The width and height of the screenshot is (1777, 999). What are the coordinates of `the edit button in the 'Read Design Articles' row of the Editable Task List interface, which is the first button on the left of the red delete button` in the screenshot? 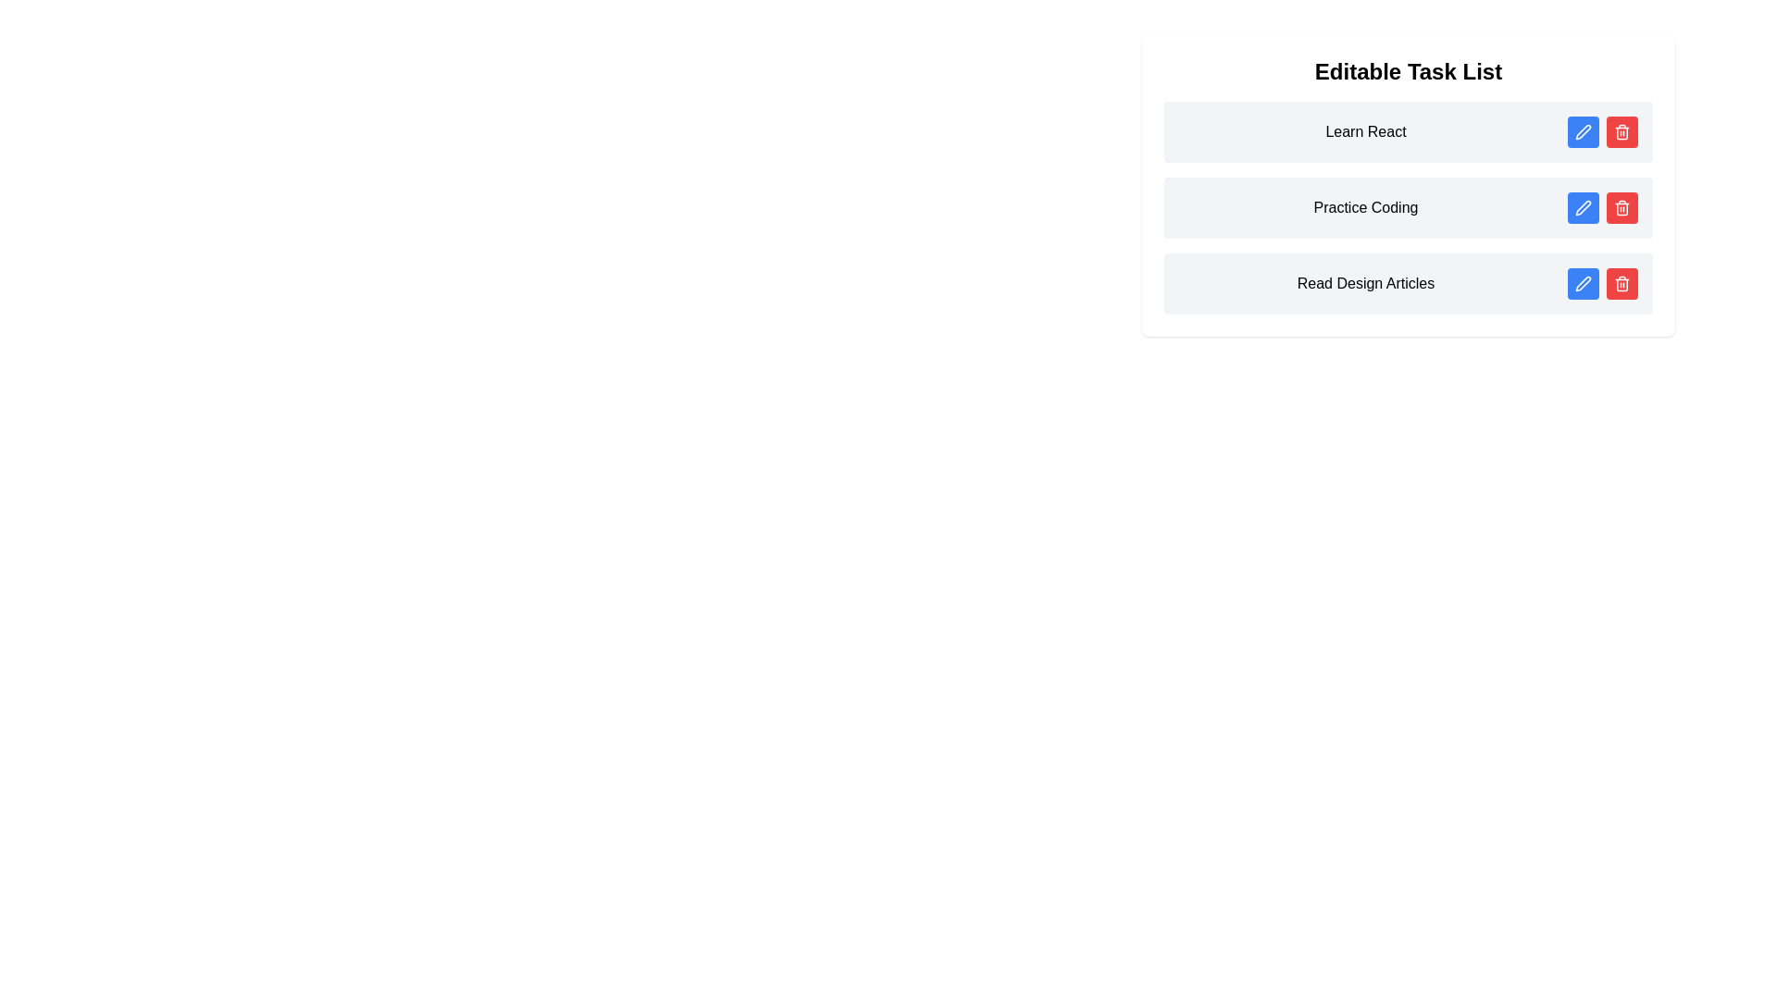 It's located at (1582, 284).